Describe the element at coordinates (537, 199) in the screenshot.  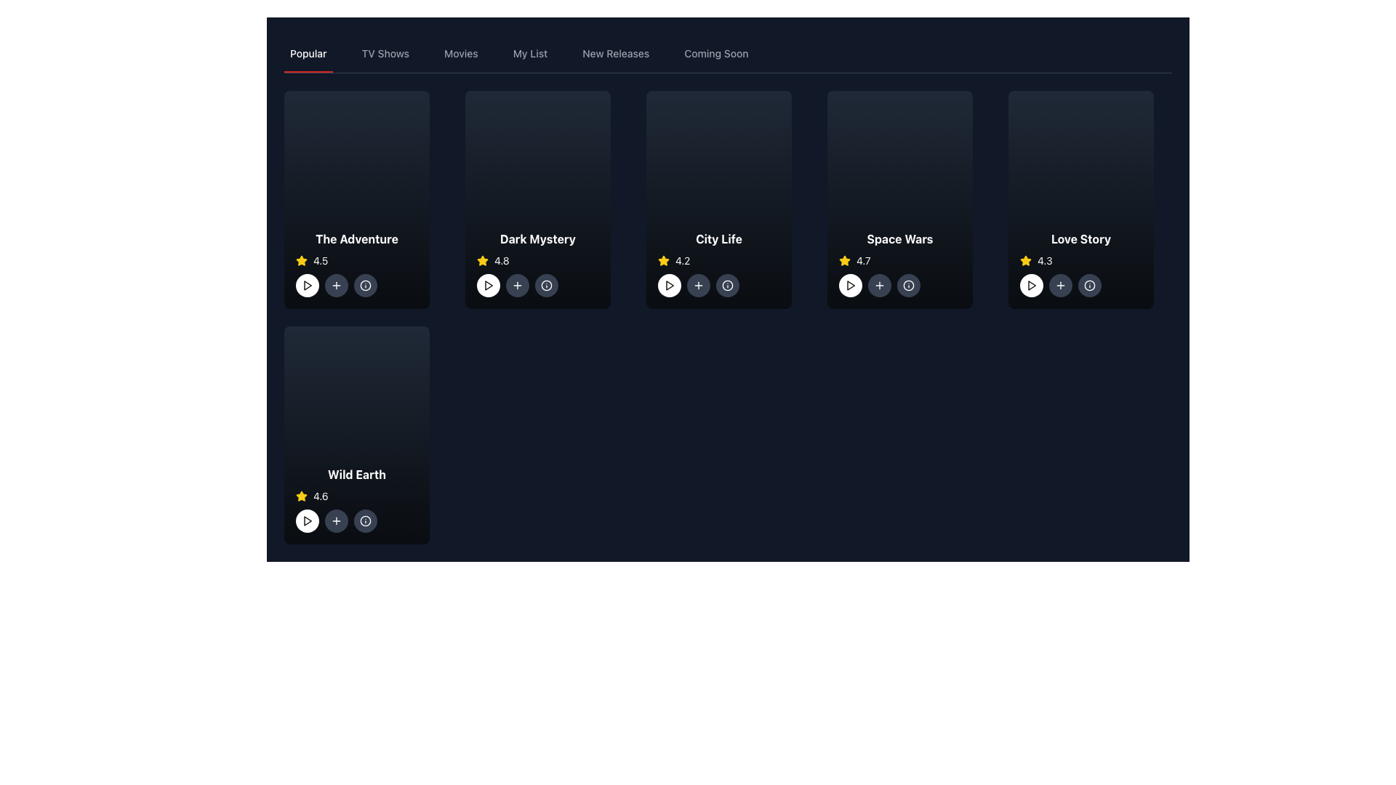
I see `the second card from the left in the first row of the grid, labeled 'Dark Mystery' with a rating of '4.8', to view details` at that location.